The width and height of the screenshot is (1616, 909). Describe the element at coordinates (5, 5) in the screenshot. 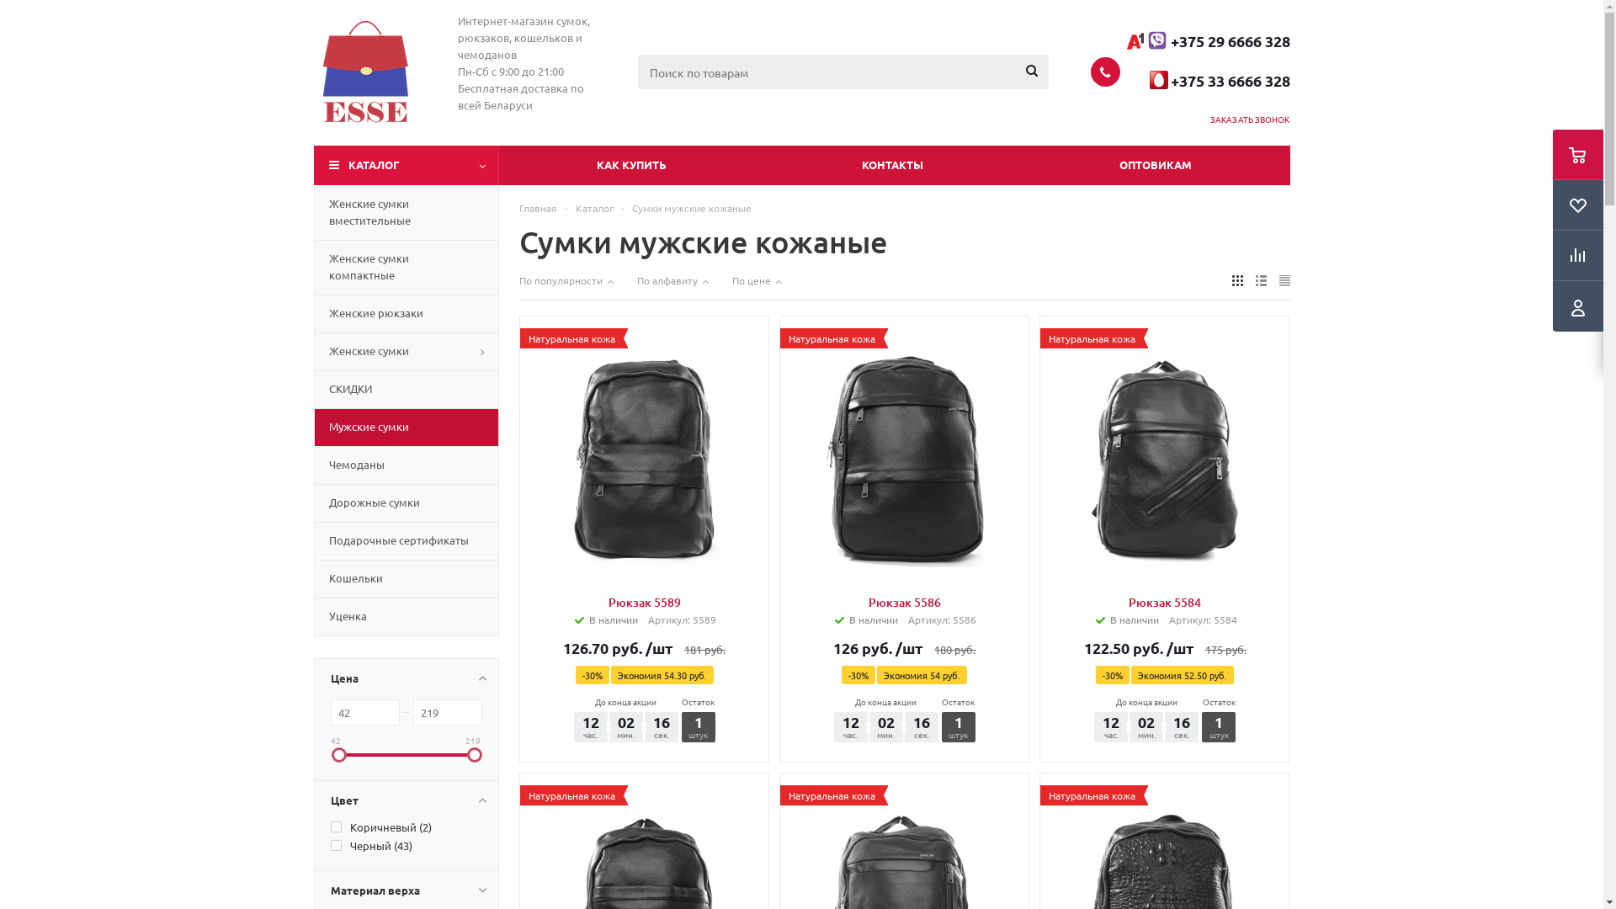

I see `'Y'` at that location.